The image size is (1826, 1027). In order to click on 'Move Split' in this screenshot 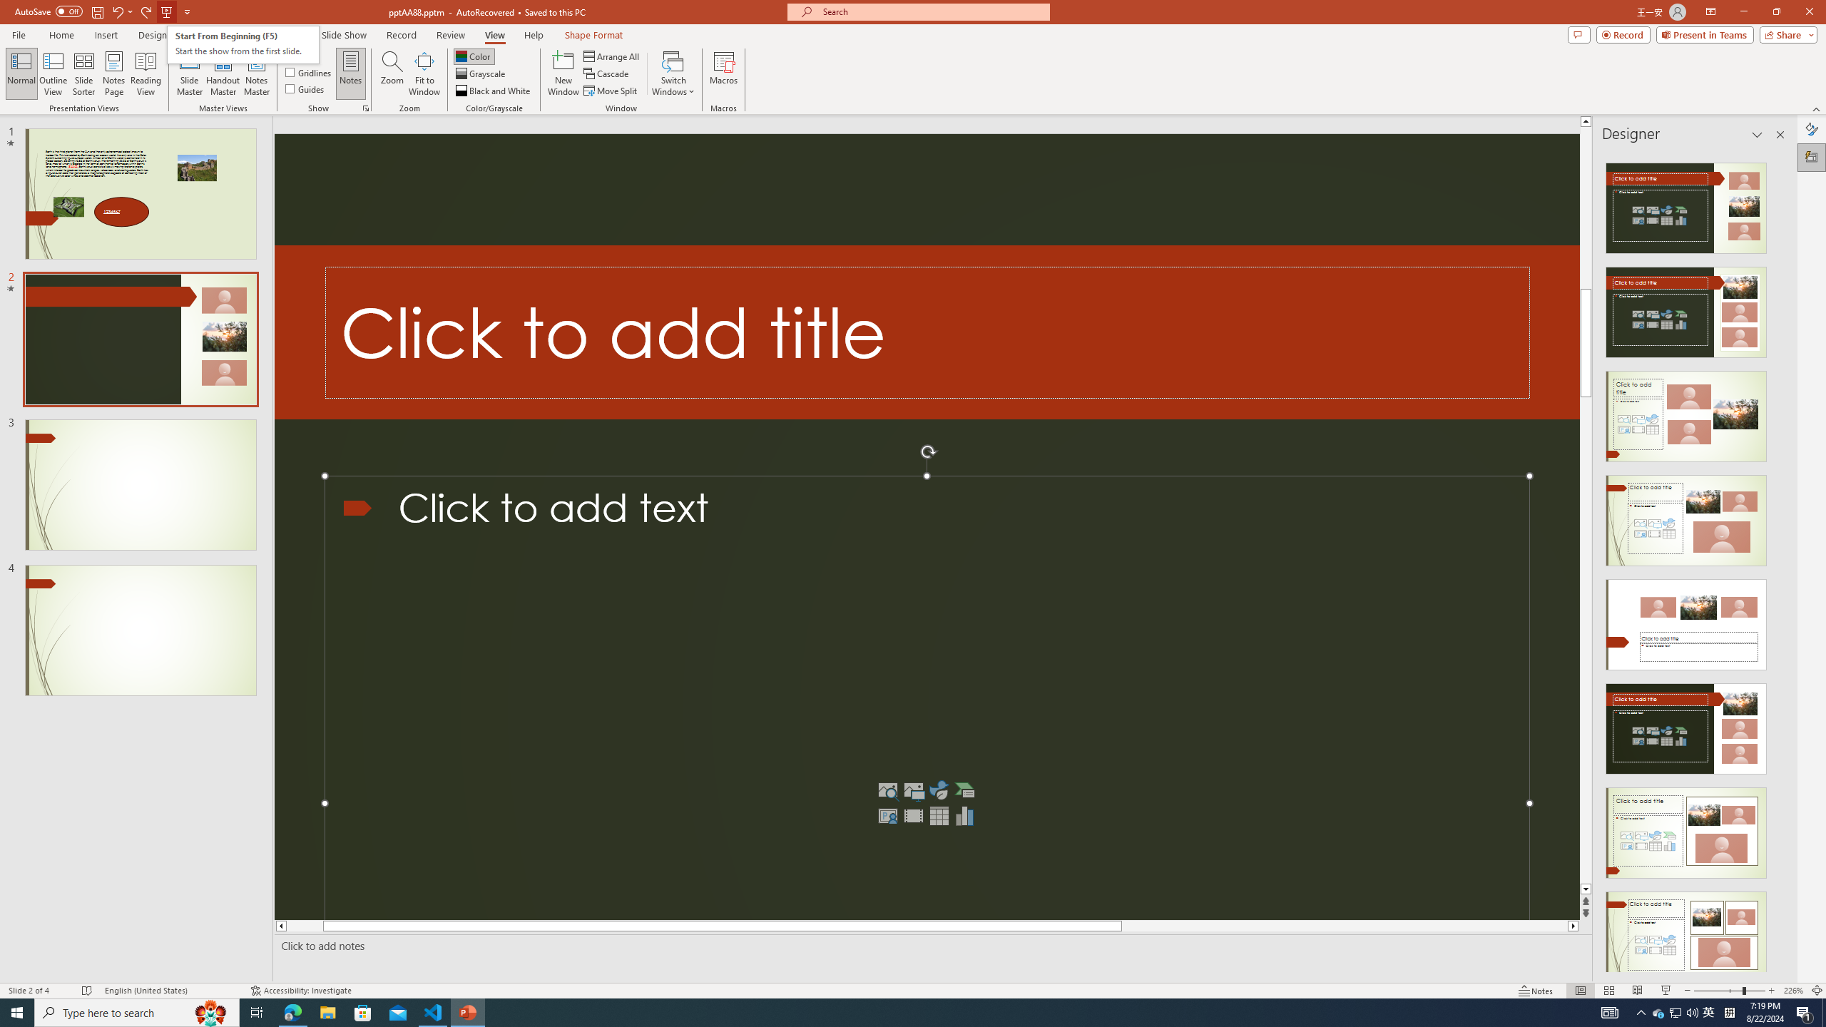, I will do `click(611, 91)`.